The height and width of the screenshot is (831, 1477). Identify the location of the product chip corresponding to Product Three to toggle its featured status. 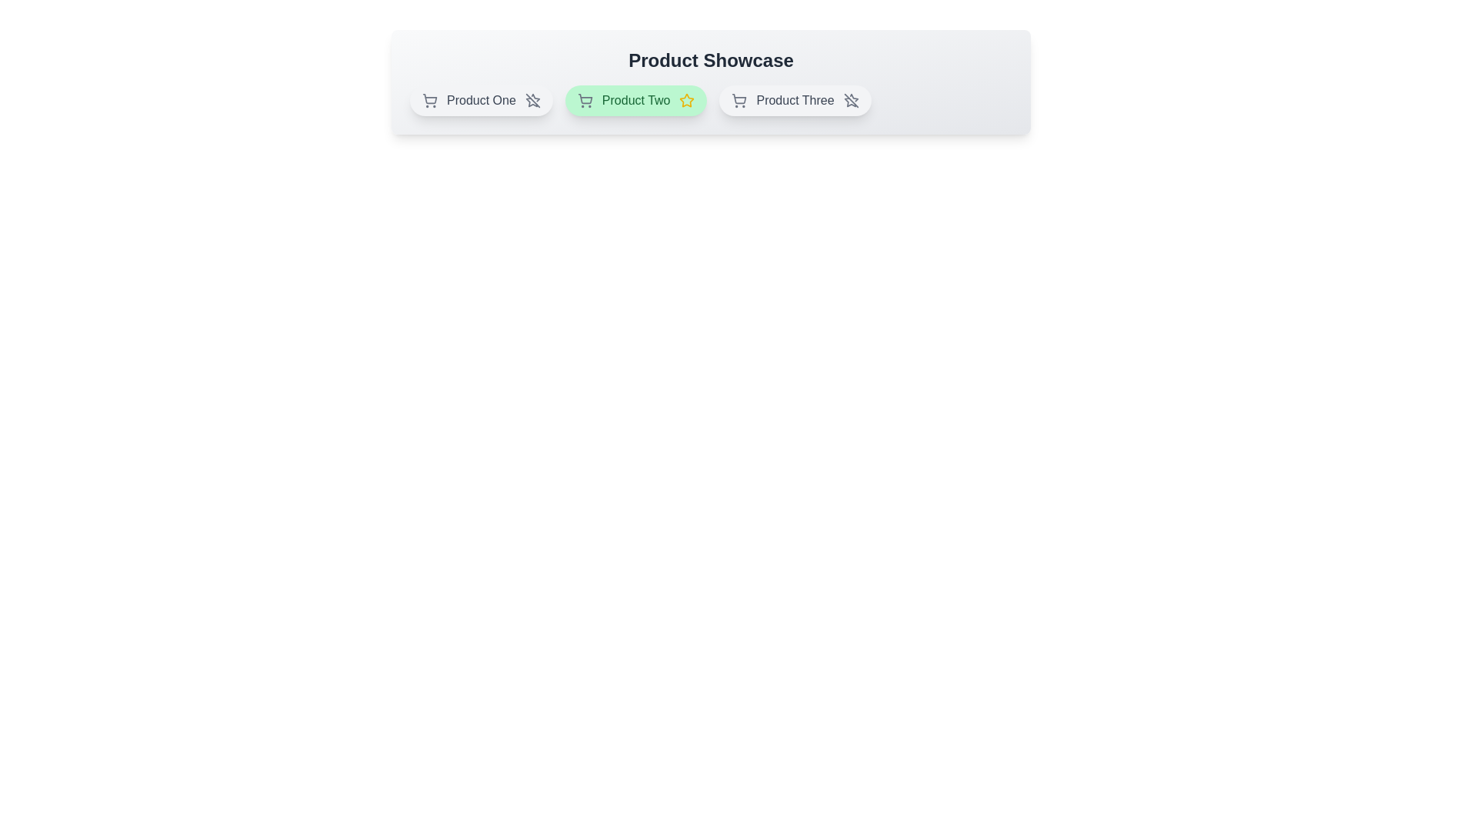
(795, 101).